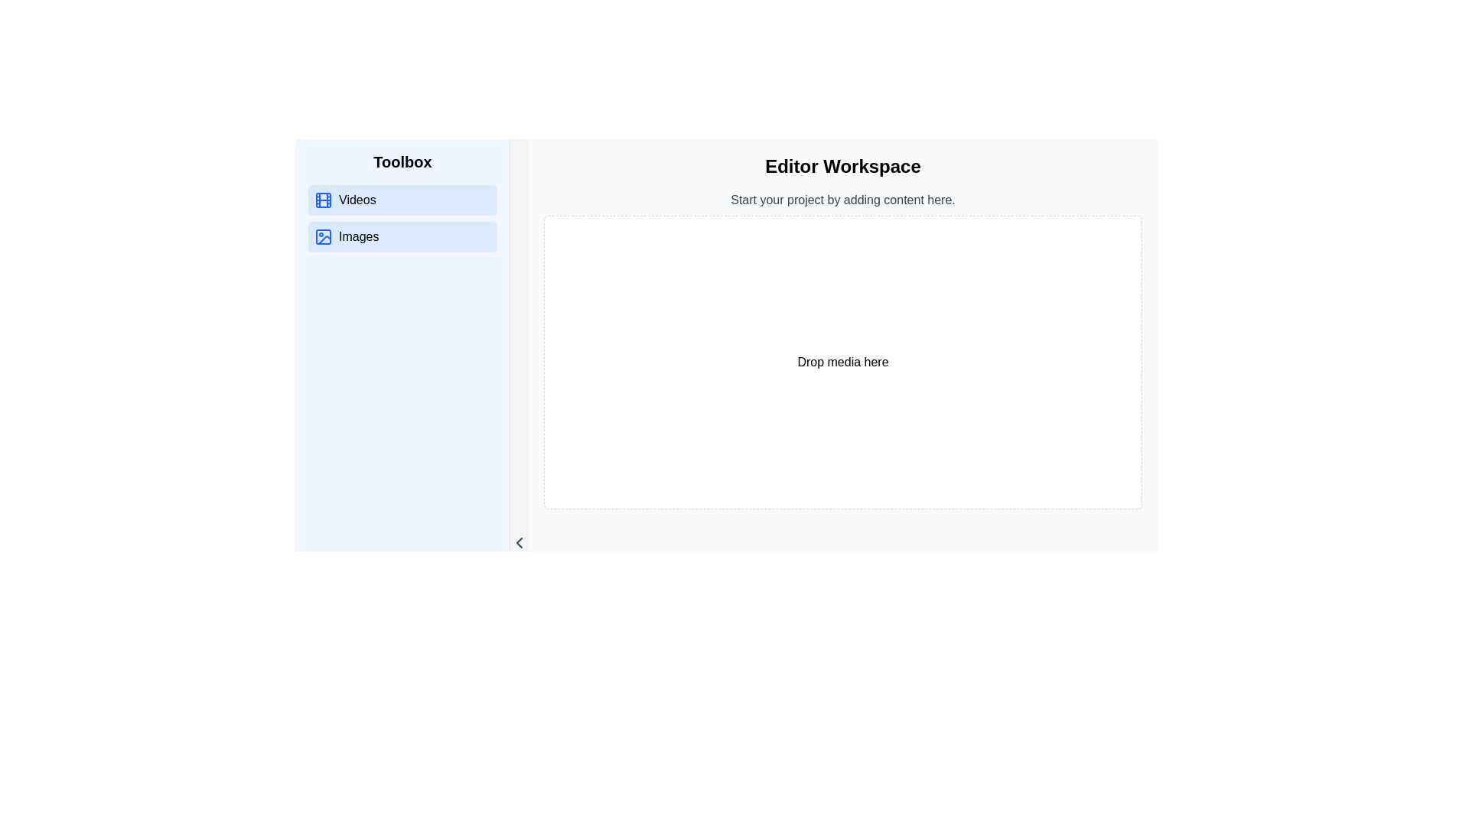 This screenshot has height=826, width=1469. What do you see at coordinates (402, 218) in the screenshot?
I see `the 'Videos' section in the navigation menu located in the 'Toolbox' sidebar` at bounding box center [402, 218].